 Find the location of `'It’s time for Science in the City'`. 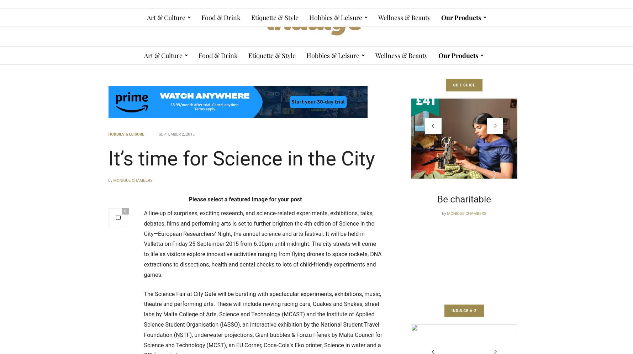

'It’s time for Science in the City' is located at coordinates (241, 158).